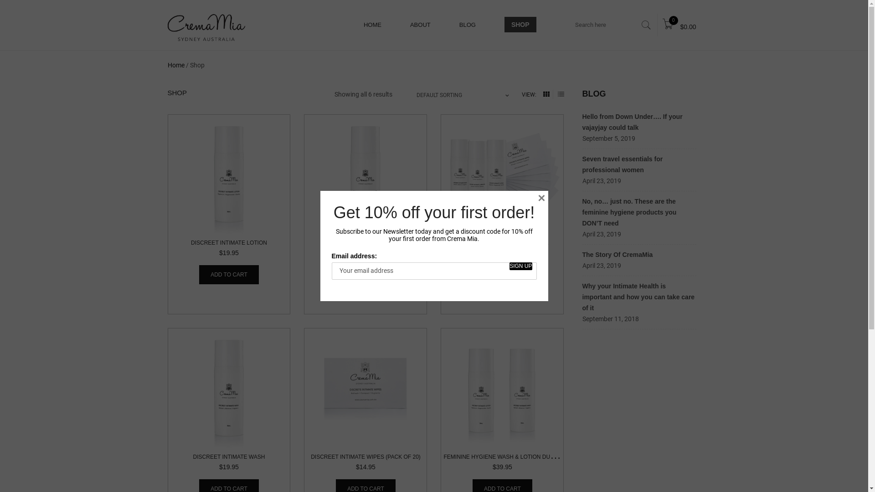  I want to click on 'HOME', so click(372, 24).